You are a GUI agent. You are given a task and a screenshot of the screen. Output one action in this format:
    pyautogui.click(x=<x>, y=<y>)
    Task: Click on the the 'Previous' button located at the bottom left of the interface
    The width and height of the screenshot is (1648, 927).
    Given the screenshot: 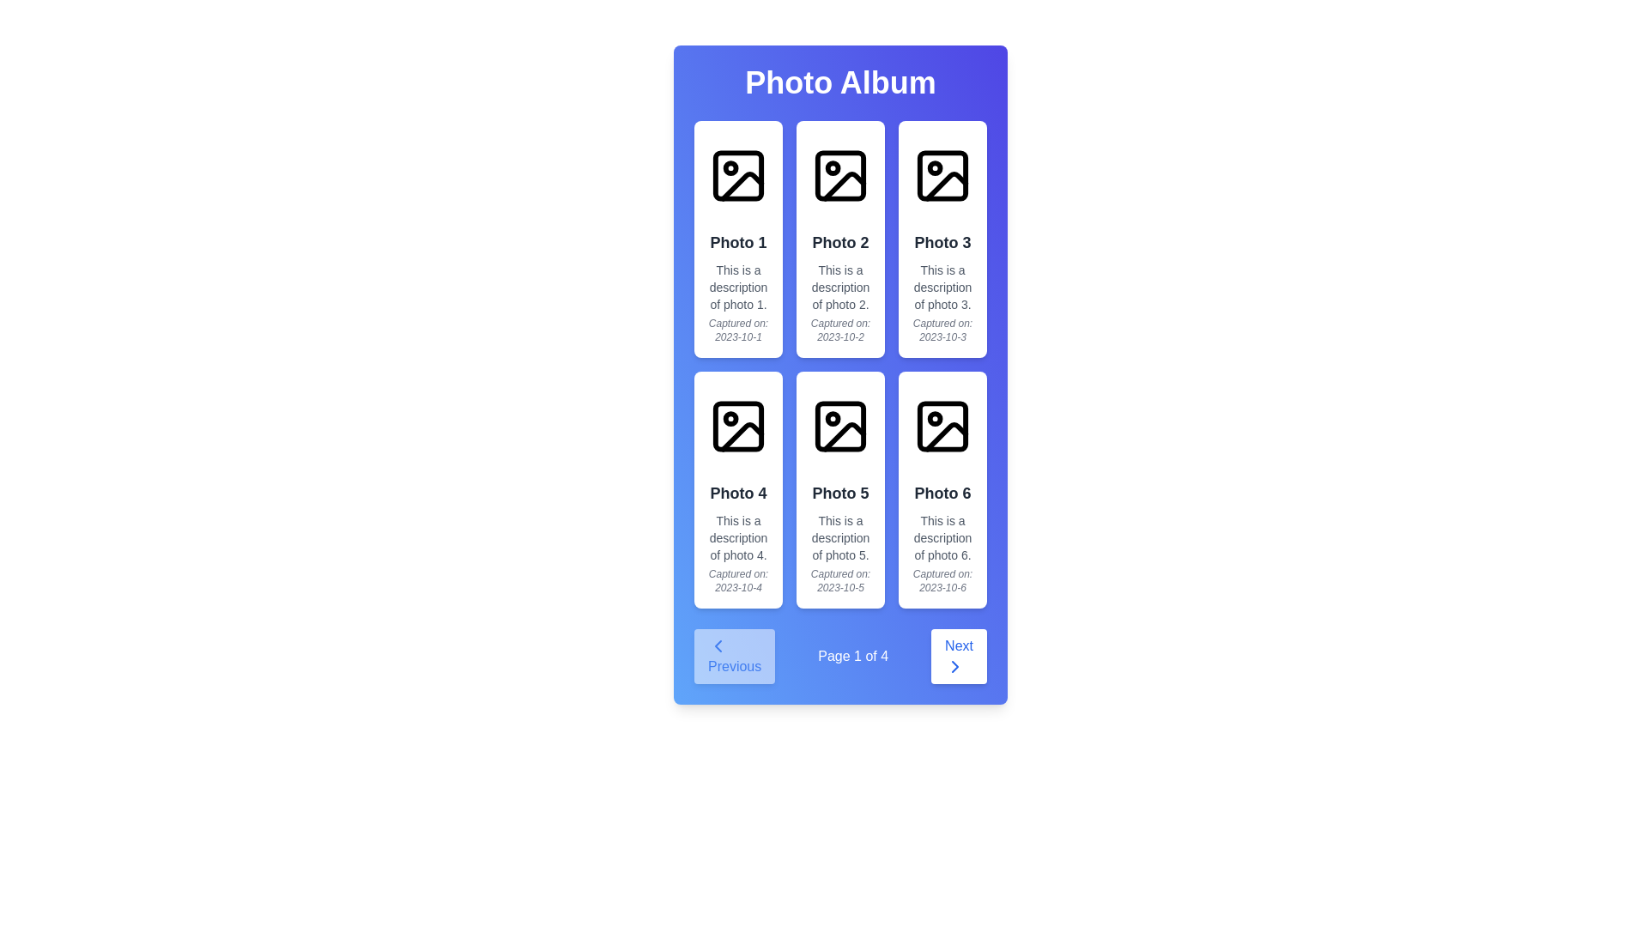 What is the action you would take?
    pyautogui.click(x=735, y=656)
    